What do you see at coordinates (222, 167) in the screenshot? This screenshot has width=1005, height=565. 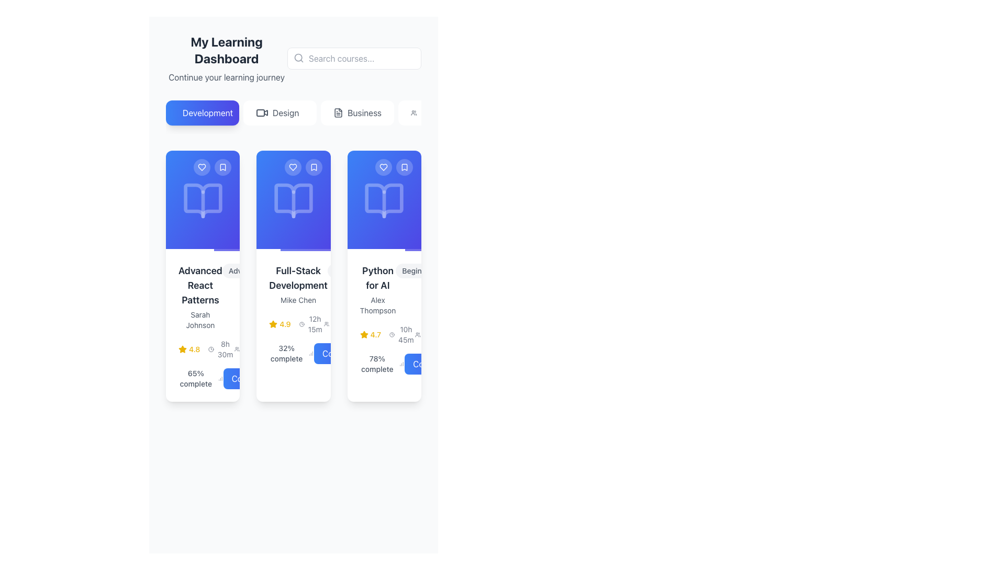 I see `the bookmark icon located at the top-right corner of the 'Advanced React Patterns' course card` at bounding box center [222, 167].